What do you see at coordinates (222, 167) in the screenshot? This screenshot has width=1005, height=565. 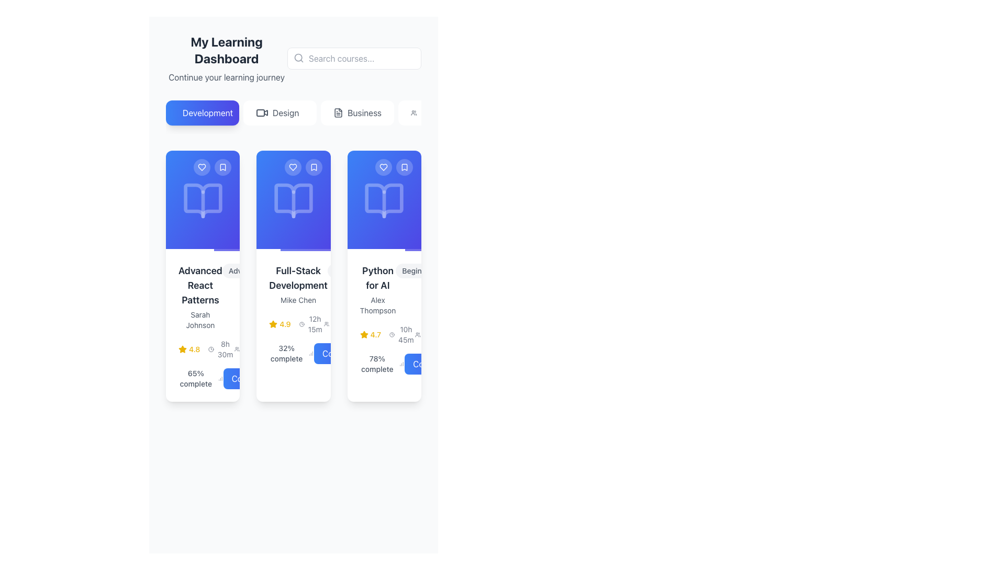 I see `the bookmark icon located at the top-right corner of the 'Advanced React Patterns' course card` at bounding box center [222, 167].